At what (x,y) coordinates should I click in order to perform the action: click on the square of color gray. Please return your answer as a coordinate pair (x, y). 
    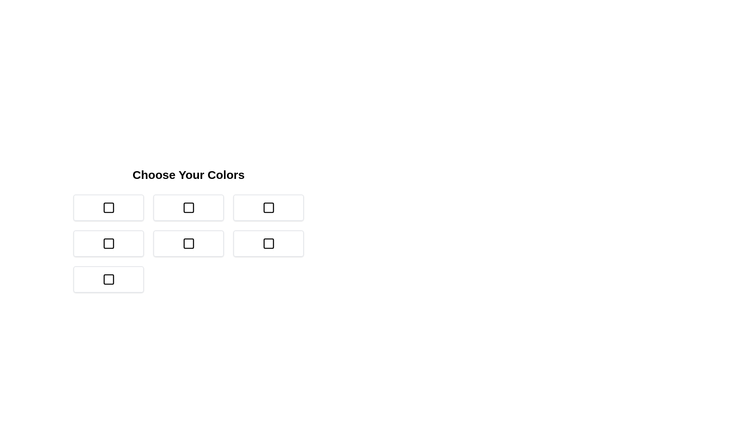
    Looking at the image, I should click on (108, 279).